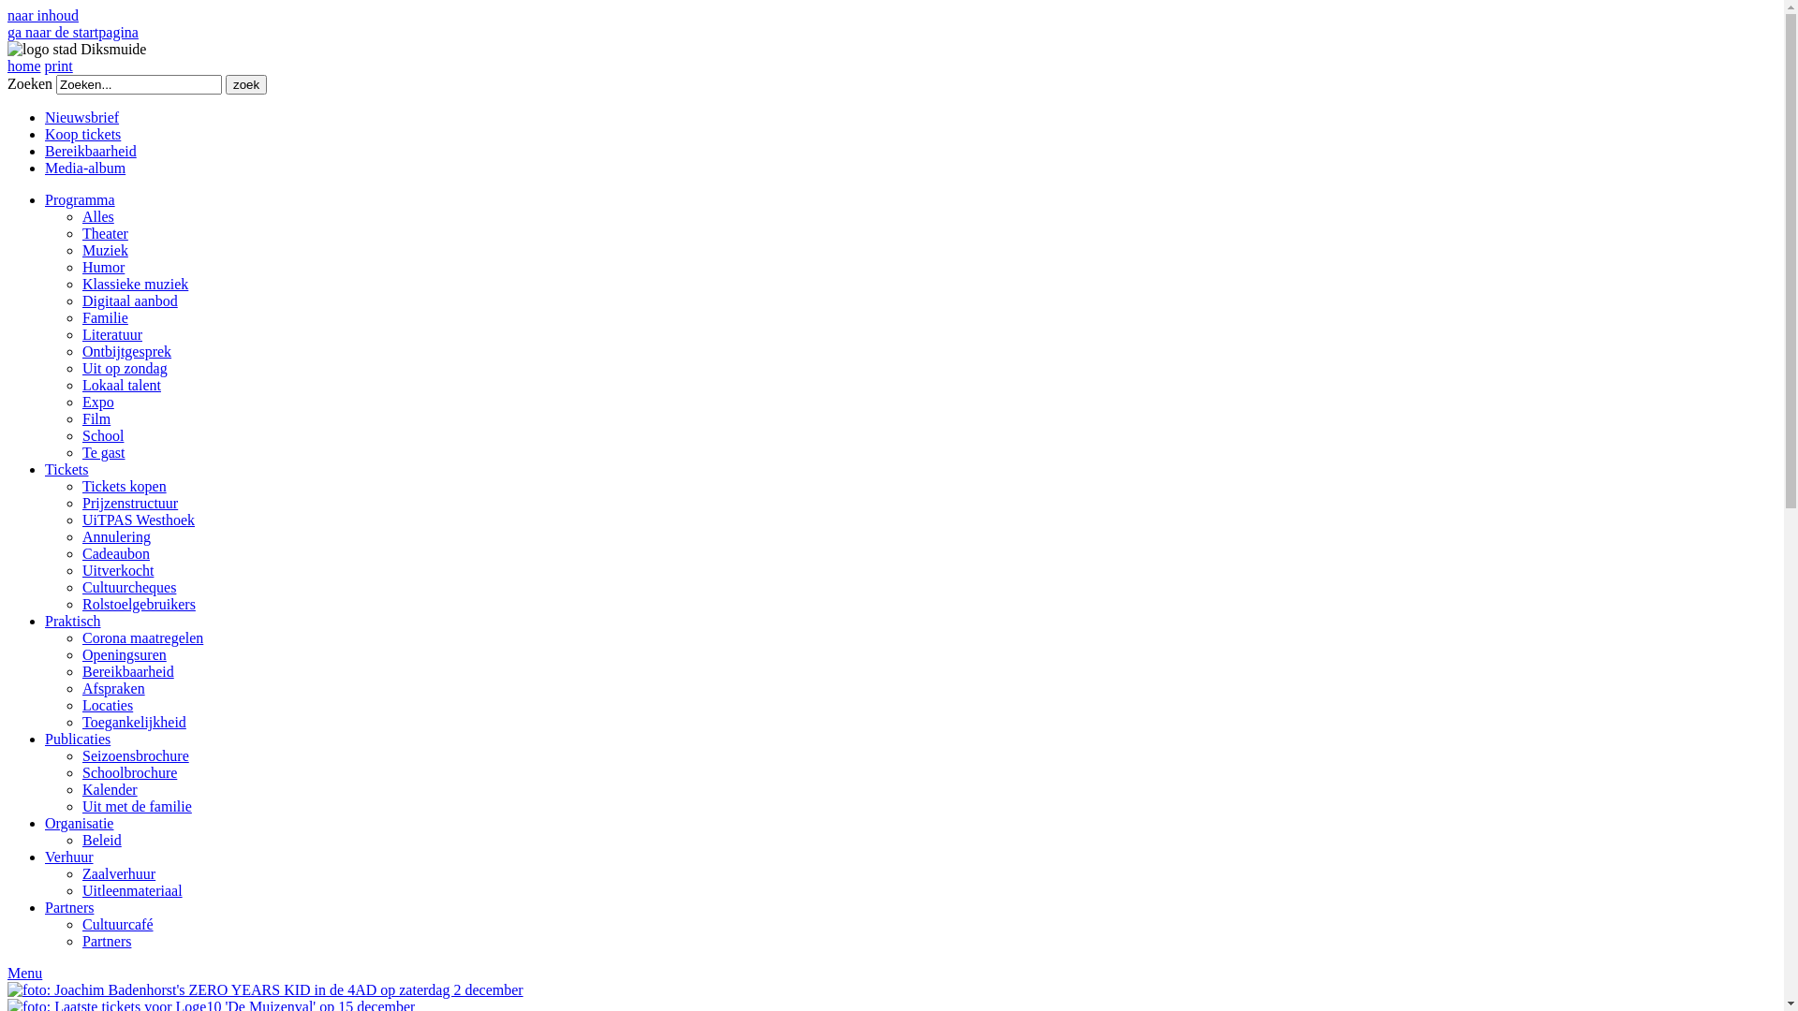  I want to click on 'Locaties', so click(81, 705).